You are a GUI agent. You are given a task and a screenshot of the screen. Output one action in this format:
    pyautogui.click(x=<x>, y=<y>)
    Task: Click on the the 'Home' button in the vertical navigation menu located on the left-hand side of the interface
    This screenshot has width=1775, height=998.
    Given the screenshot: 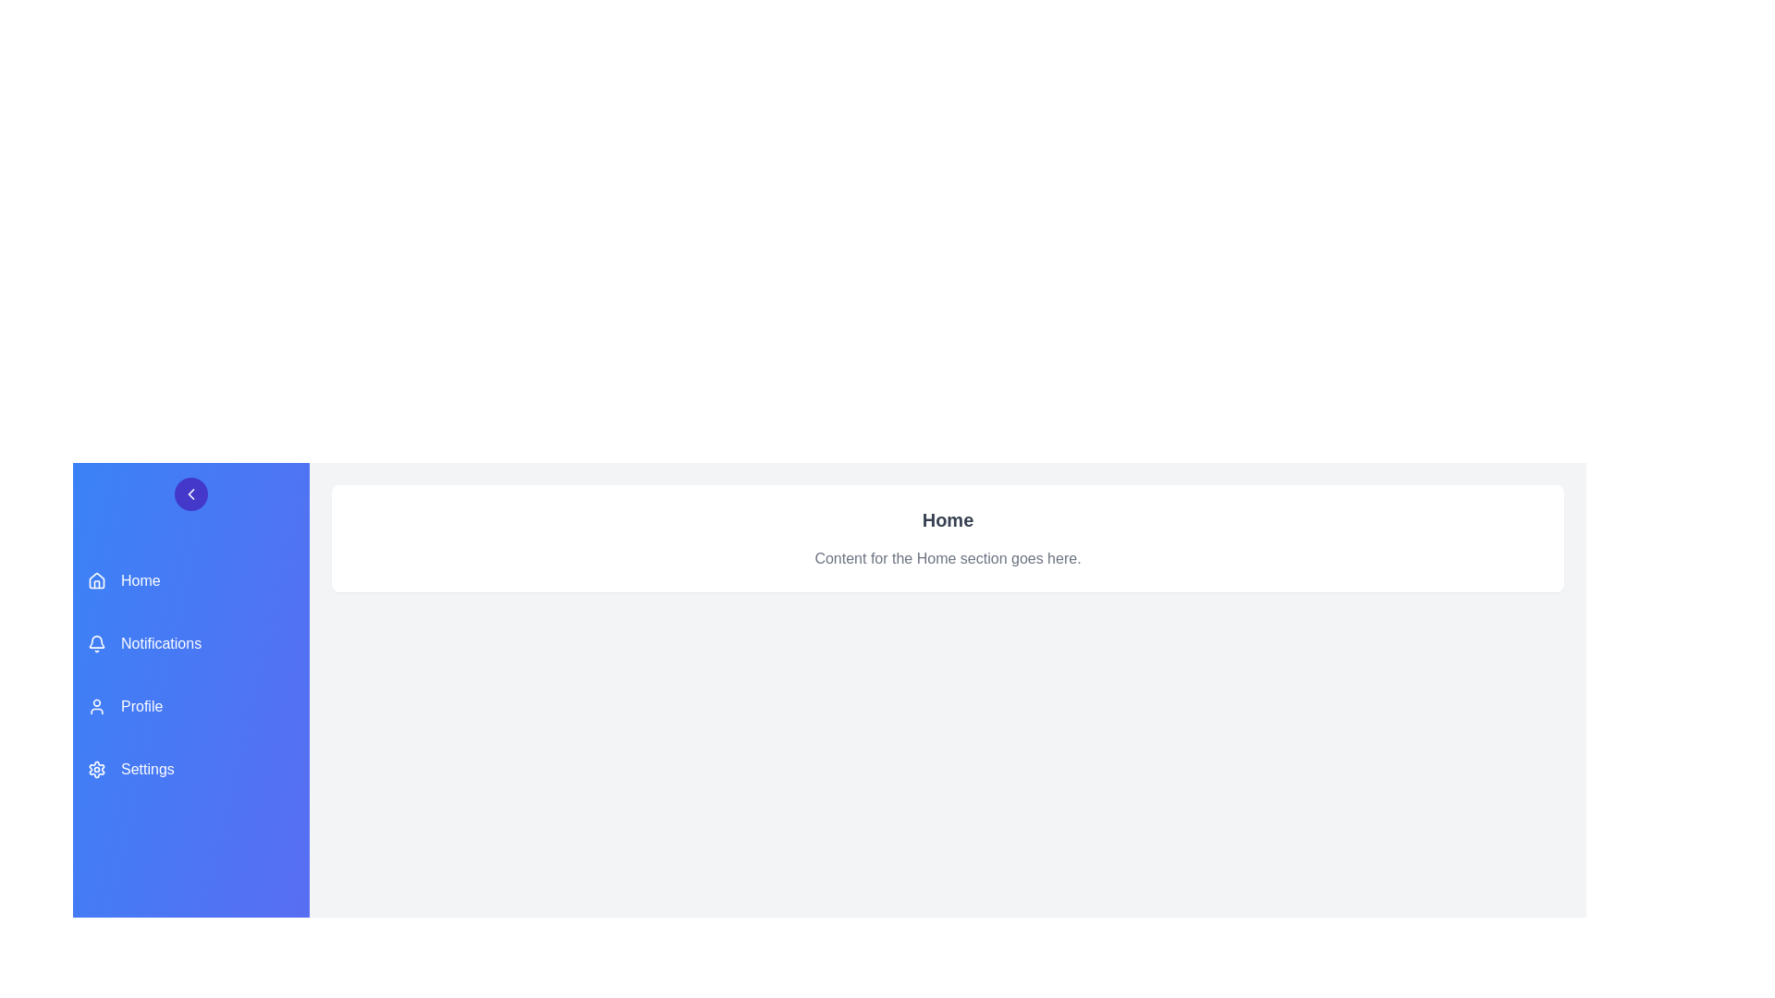 What is the action you would take?
    pyautogui.click(x=190, y=579)
    